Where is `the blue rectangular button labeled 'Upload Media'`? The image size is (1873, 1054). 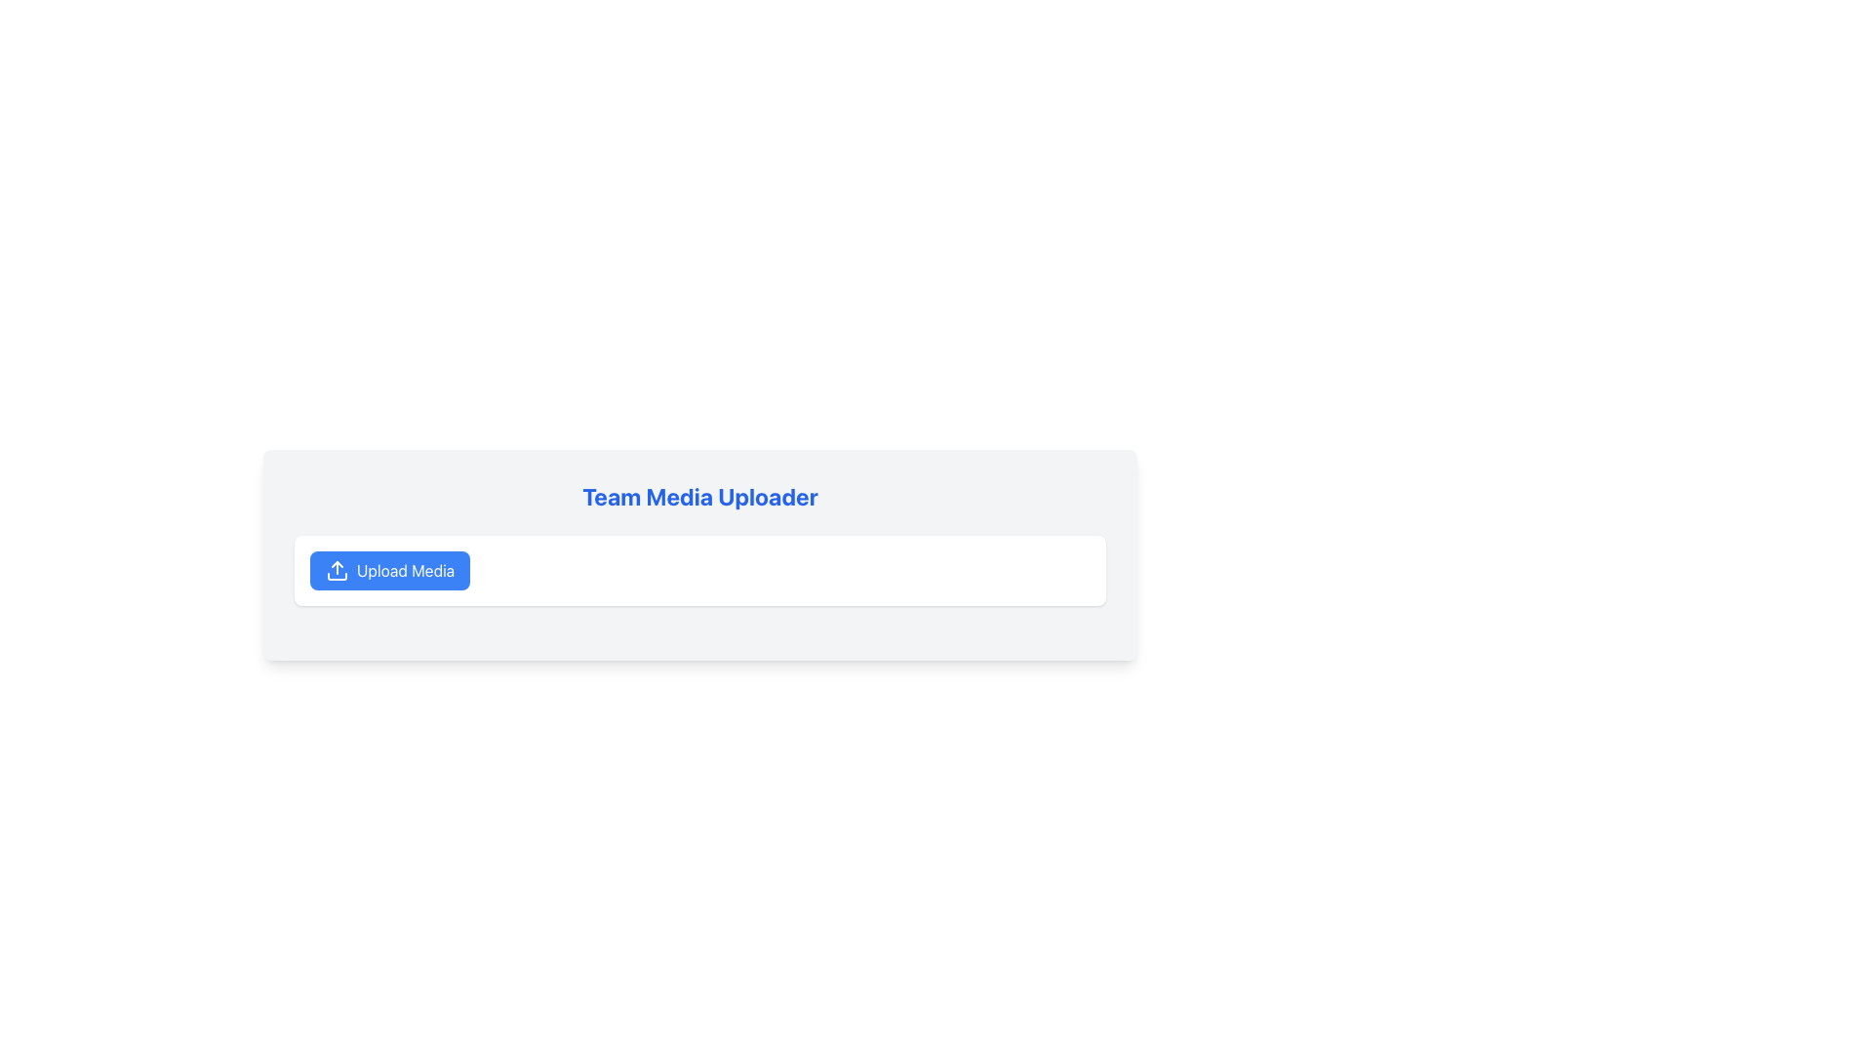
the blue rectangular button labeled 'Upload Media' is located at coordinates (390, 571).